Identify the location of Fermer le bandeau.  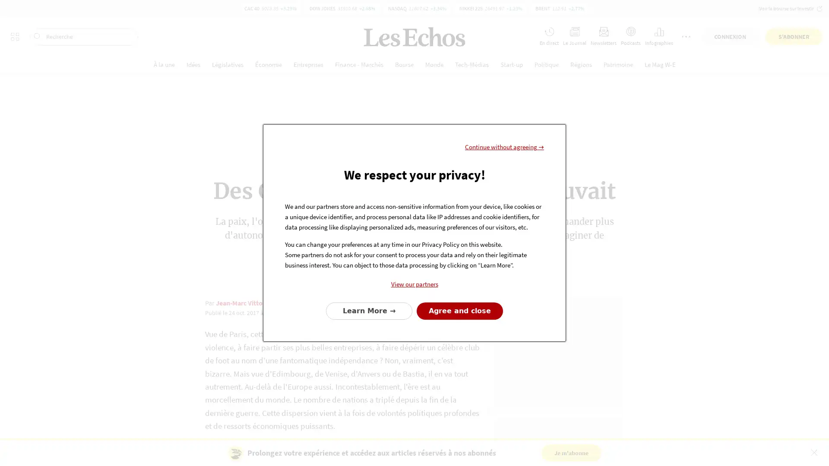
(813, 452).